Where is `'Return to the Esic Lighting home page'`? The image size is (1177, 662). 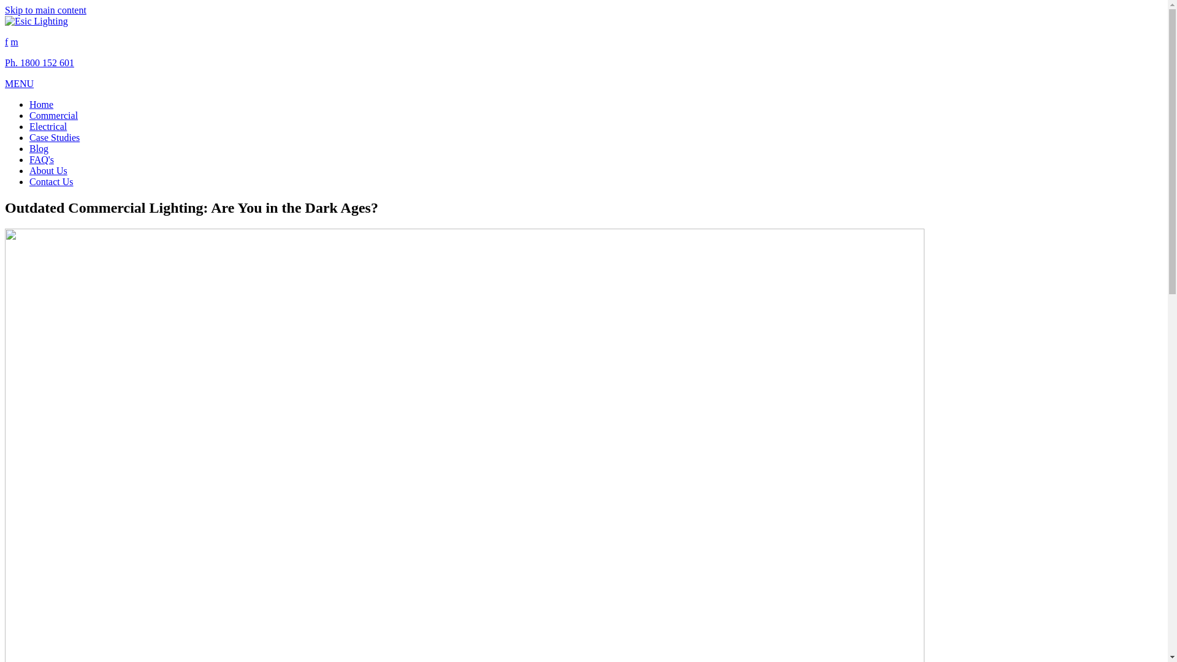
'Return to the Esic Lighting home page' is located at coordinates (36, 21).